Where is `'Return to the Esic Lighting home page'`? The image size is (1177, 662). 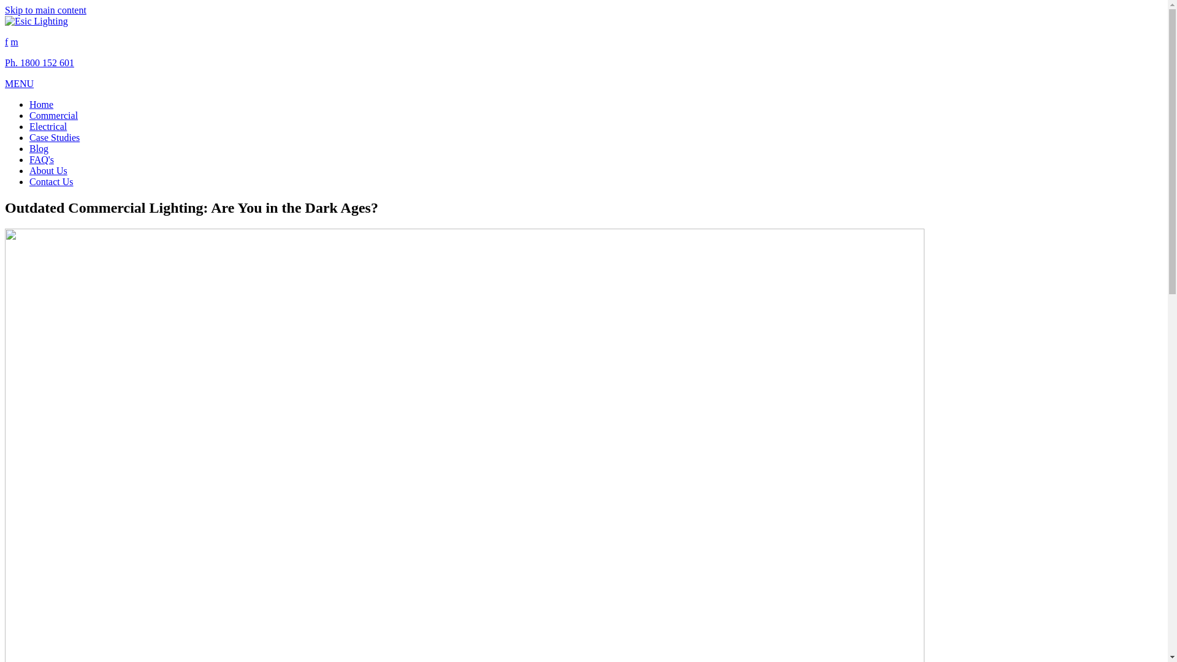
'Return to the Esic Lighting home page' is located at coordinates (36, 21).